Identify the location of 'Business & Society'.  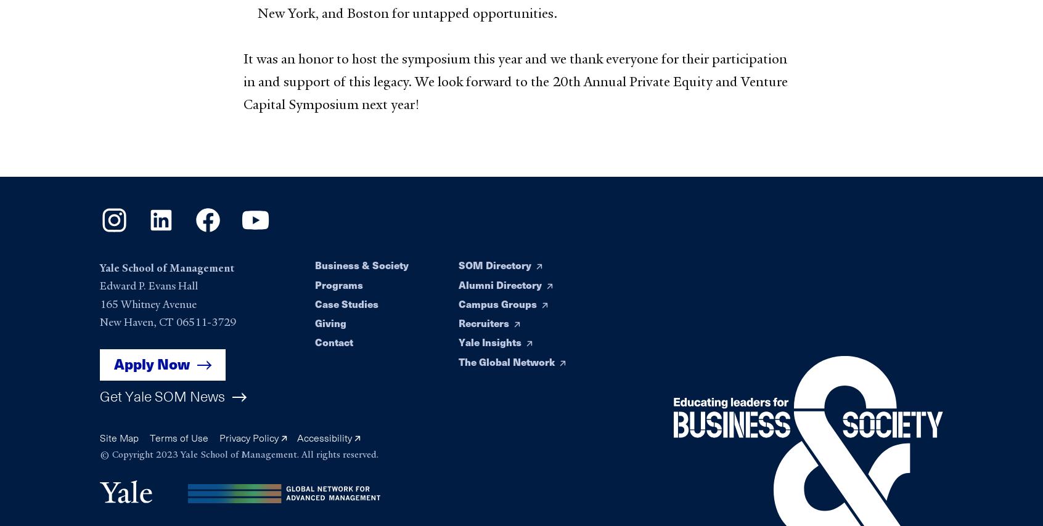
(361, 265).